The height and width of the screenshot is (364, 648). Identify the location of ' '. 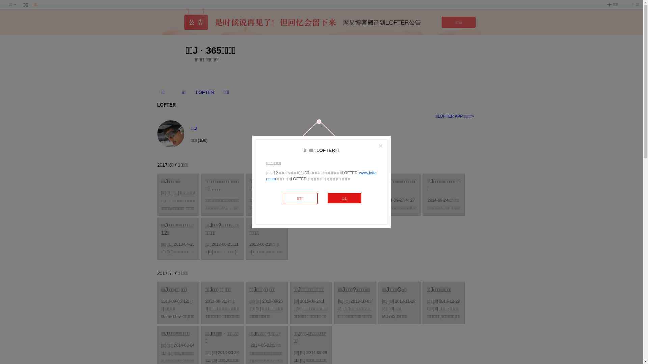
(26, 5).